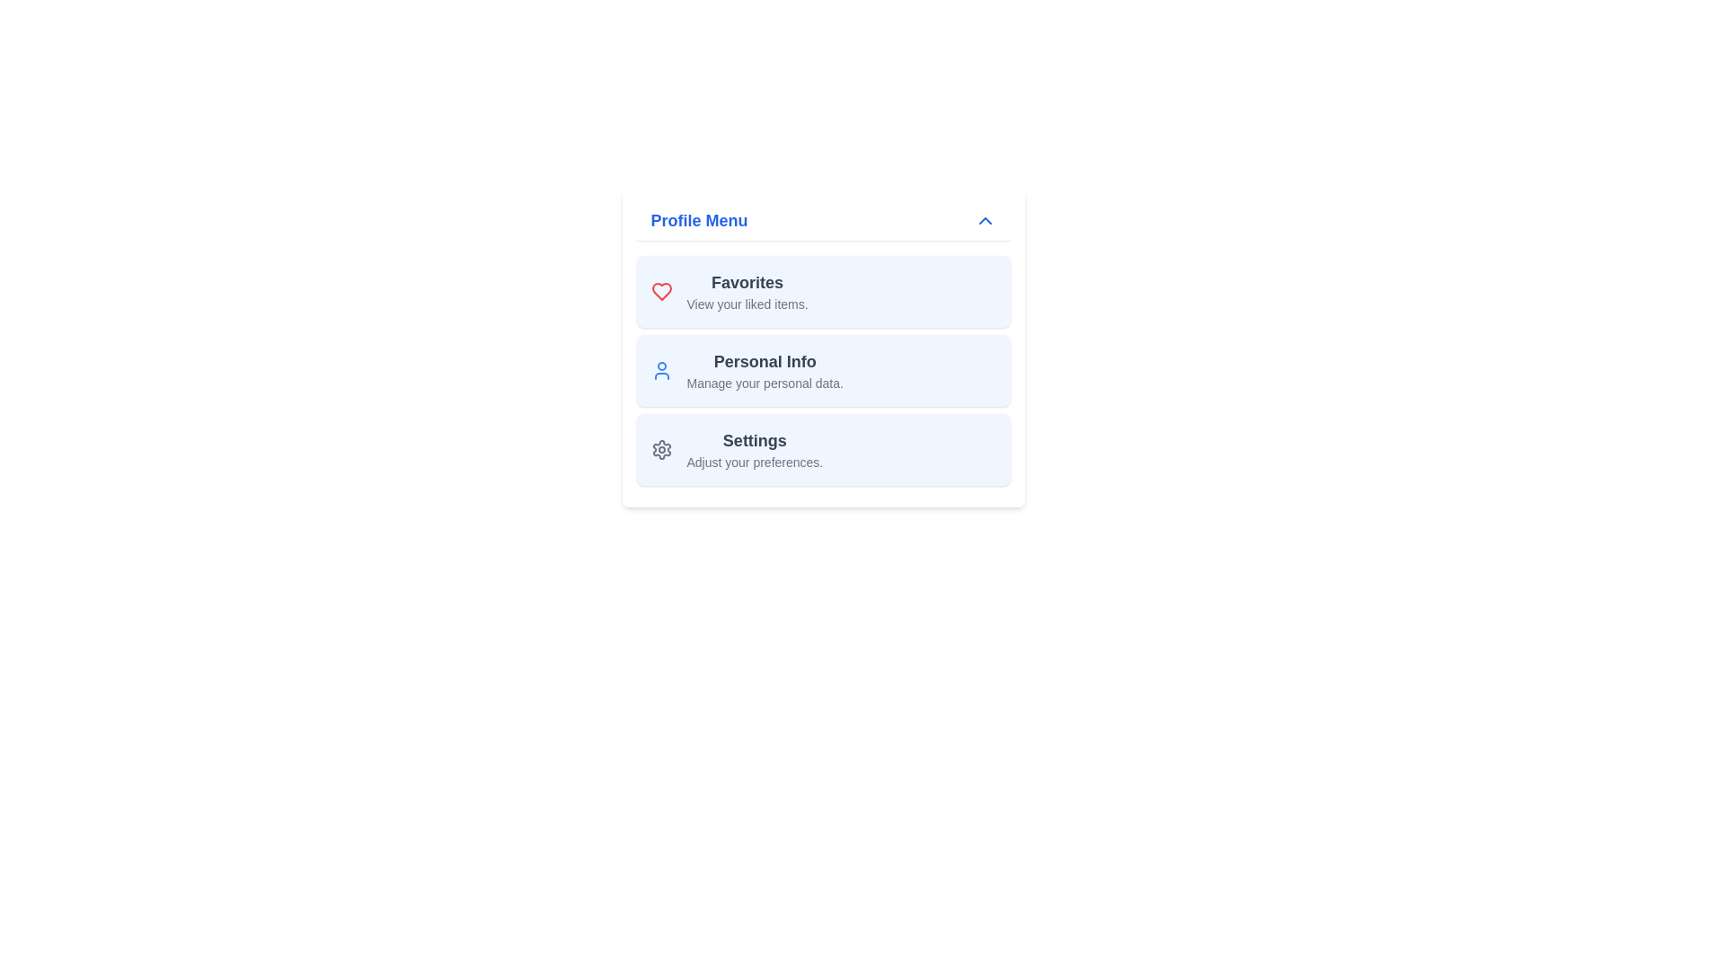 The width and height of the screenshot is (1725, 970). Describe the element at coordinates (660, 290) in the screenshot. I see `the red heart icon in the 'Favorites' section of the Profile Menu, which symbolizes a liked item` at that location.